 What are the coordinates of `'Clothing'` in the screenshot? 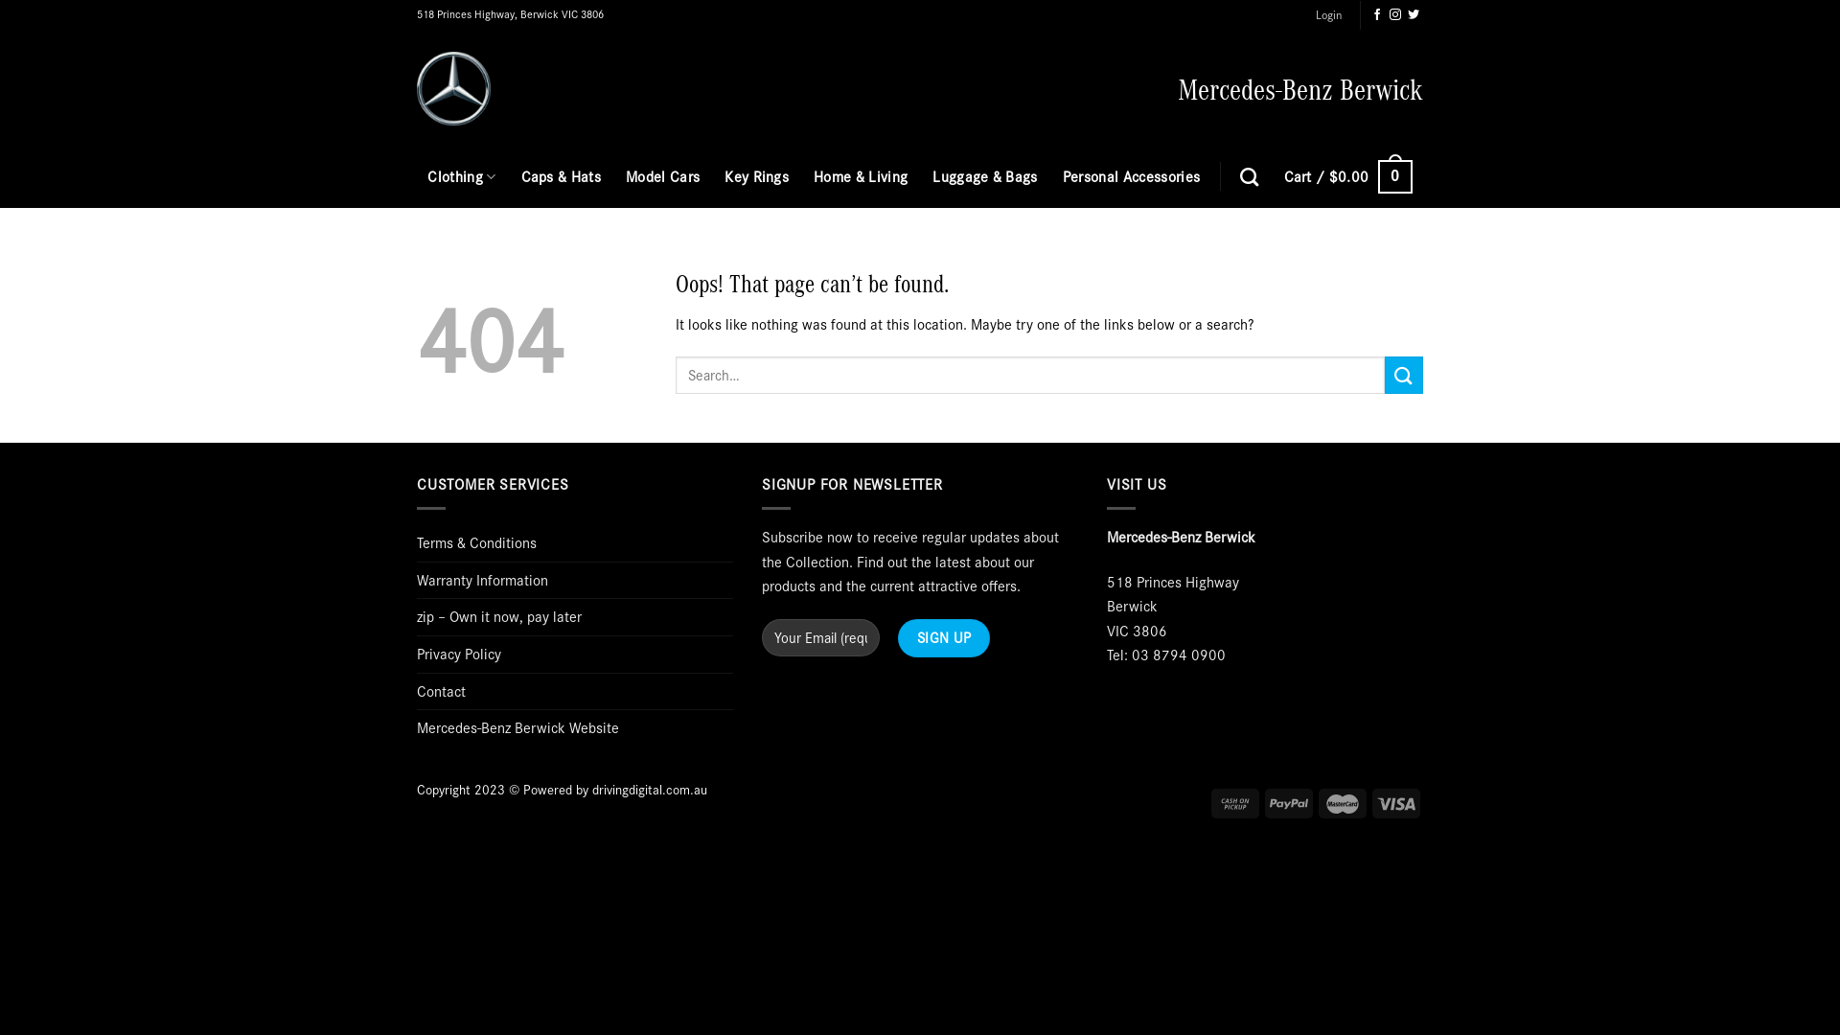 It's located at (461, 176).